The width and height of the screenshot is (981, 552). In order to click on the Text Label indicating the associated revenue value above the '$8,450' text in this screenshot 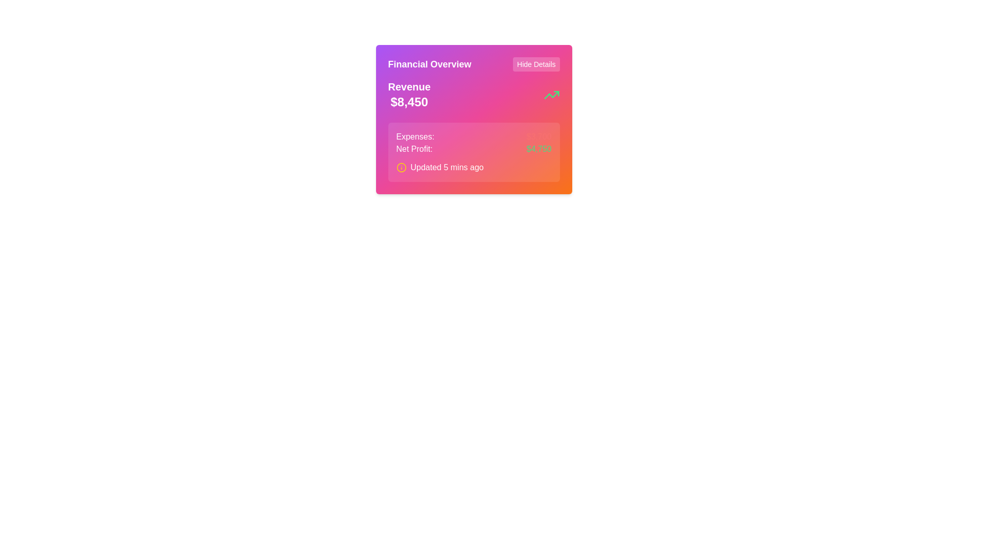, I will do `click(409, 86)`.